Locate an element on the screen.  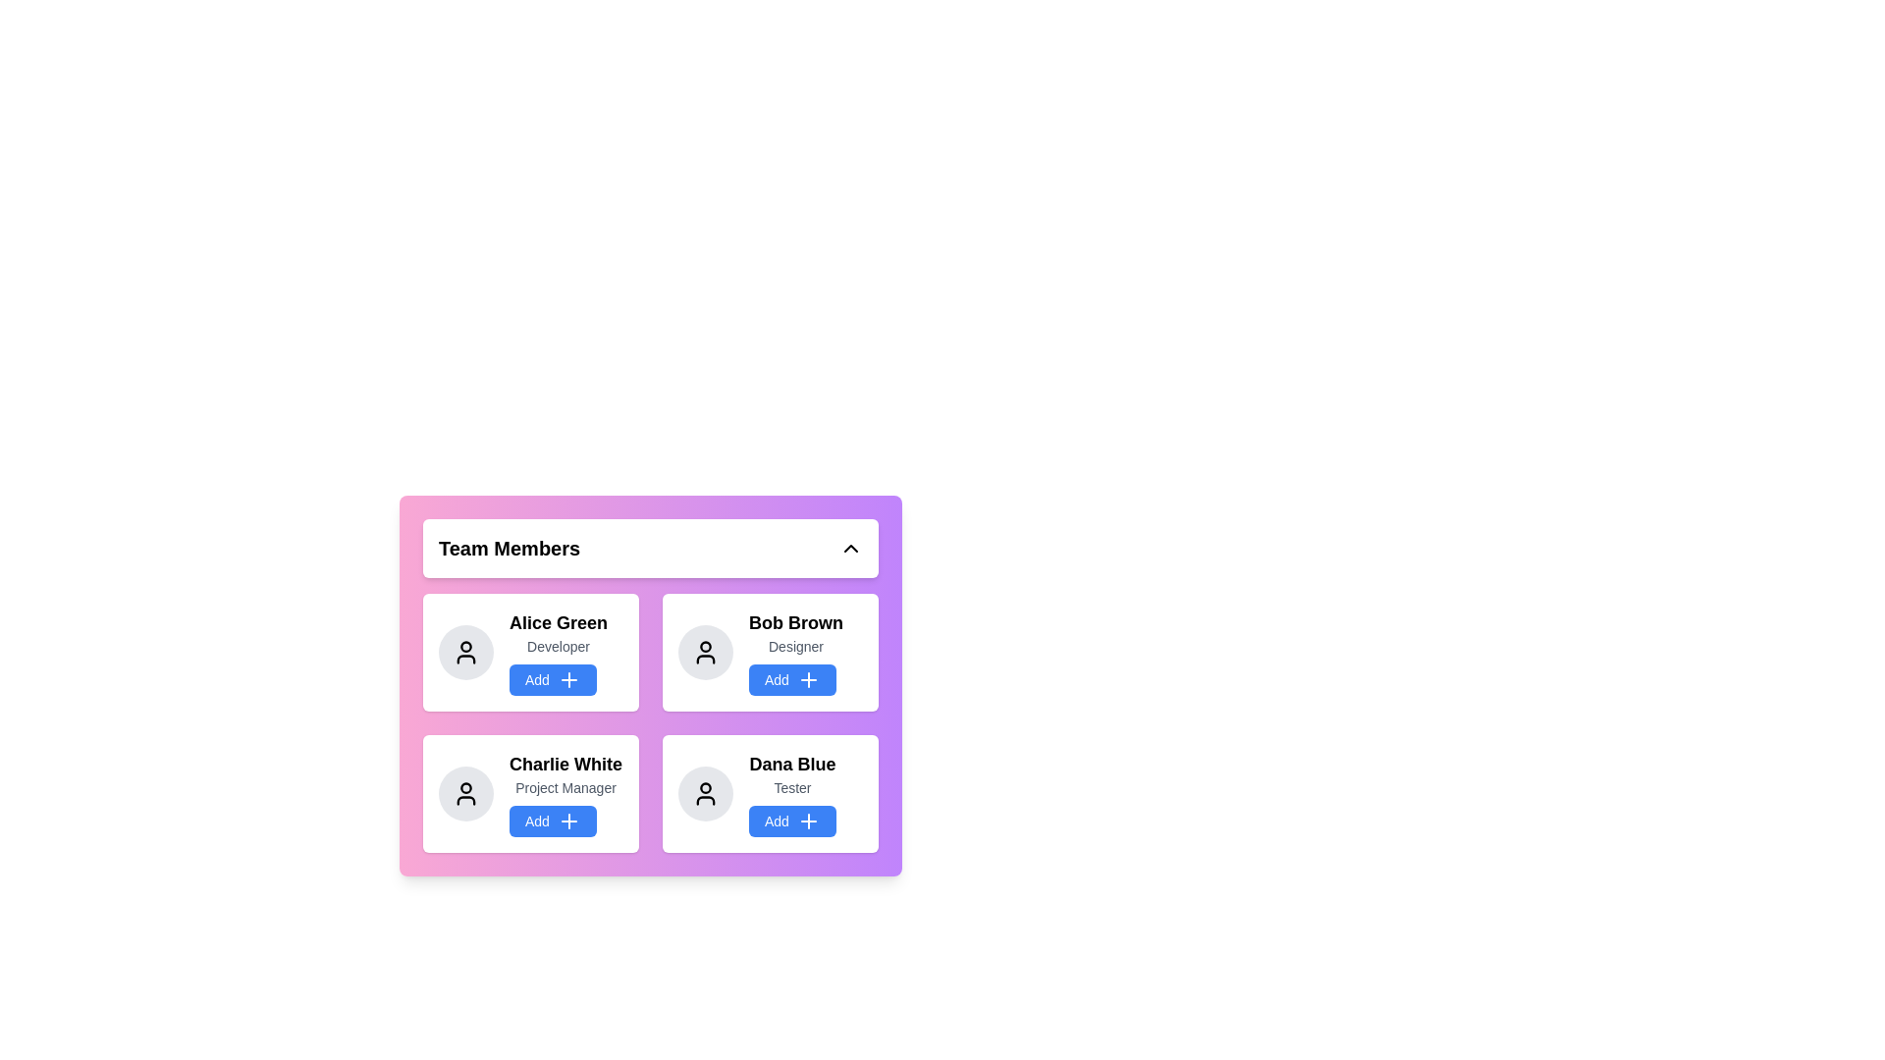
the circular profile picture placeholder icon associated with user 'Bob Brown' is located at coordinates (706, 647).